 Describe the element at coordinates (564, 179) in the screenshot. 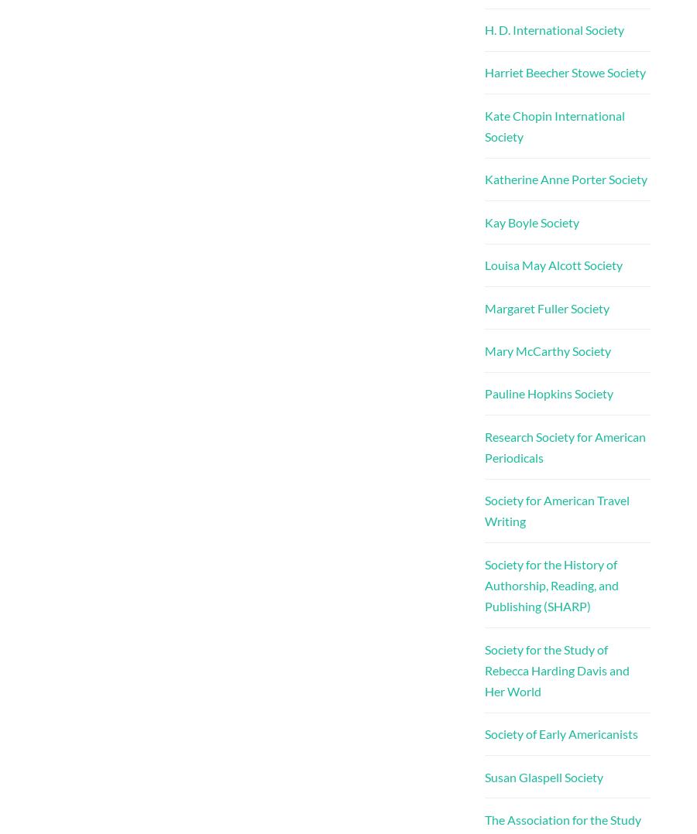

I see `'Katherine Anne Porter Society'` at that location.